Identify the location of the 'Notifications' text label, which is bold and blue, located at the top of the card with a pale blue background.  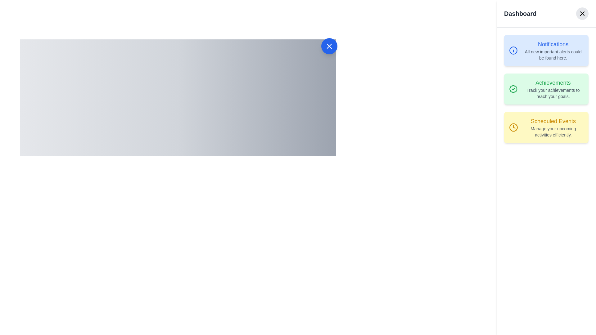
(553, 44).